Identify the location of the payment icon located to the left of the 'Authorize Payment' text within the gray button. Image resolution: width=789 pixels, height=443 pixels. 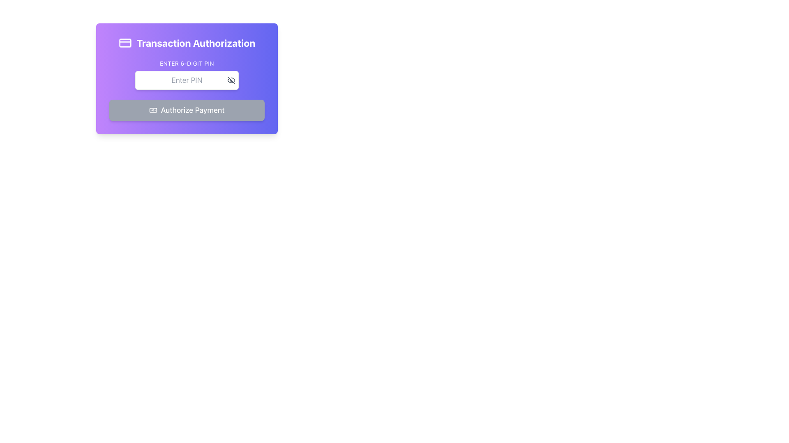
(153, 110).